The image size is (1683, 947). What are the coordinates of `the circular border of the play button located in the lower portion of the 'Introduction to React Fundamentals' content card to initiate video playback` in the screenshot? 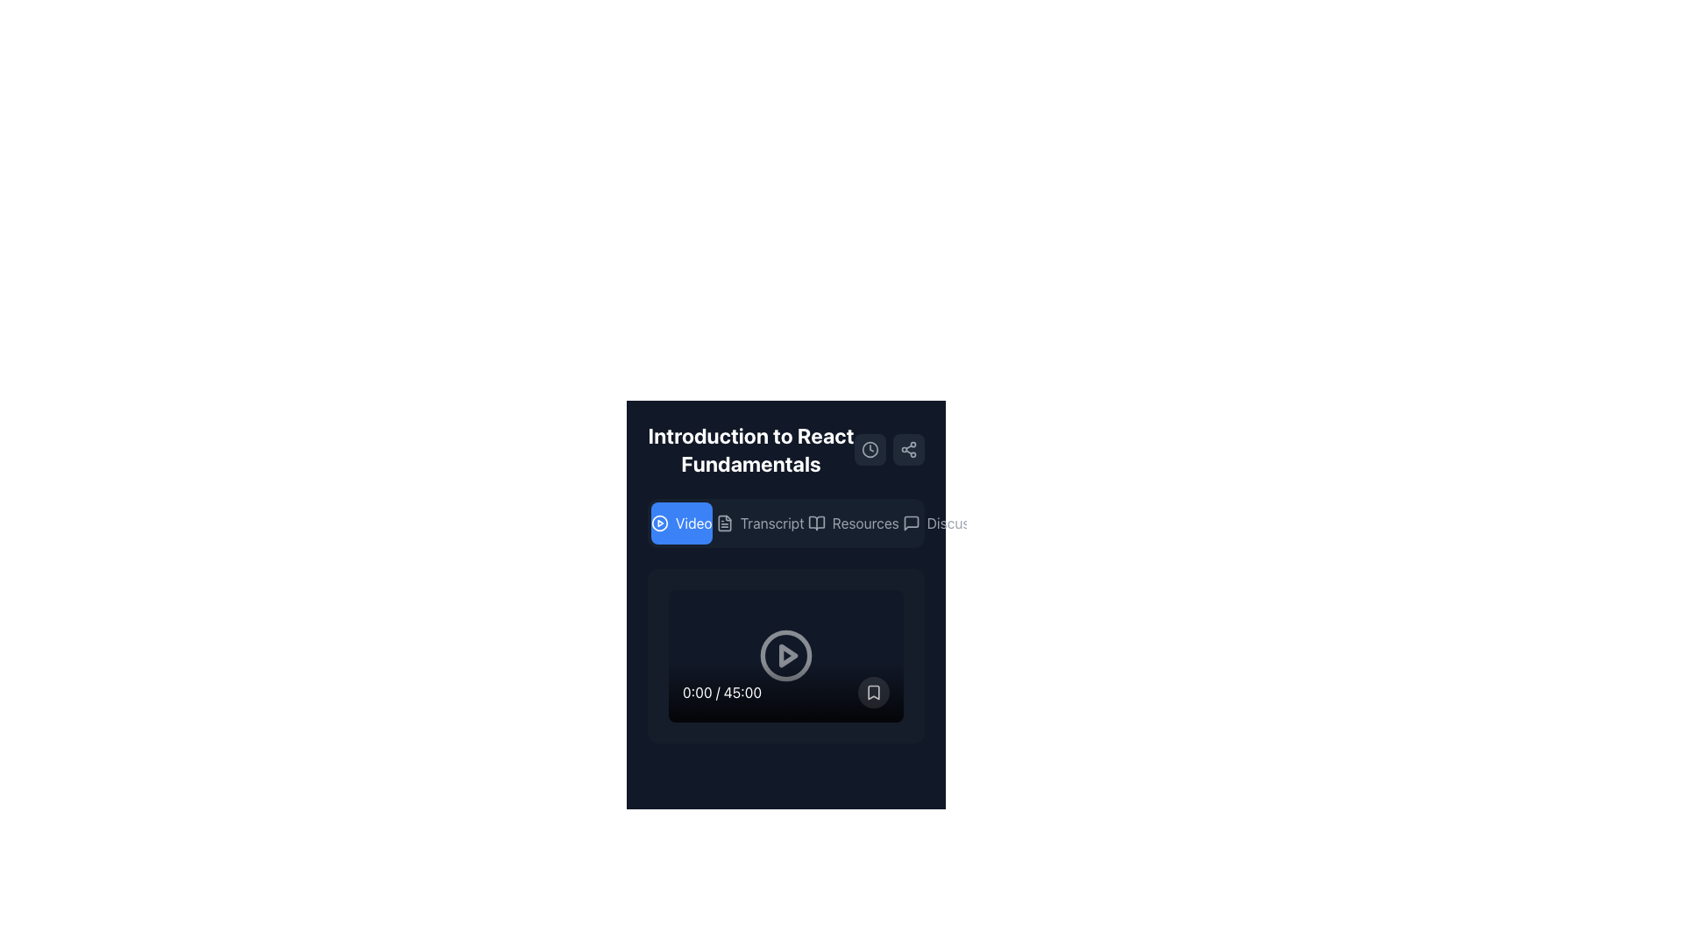 It's located at (785, 656).